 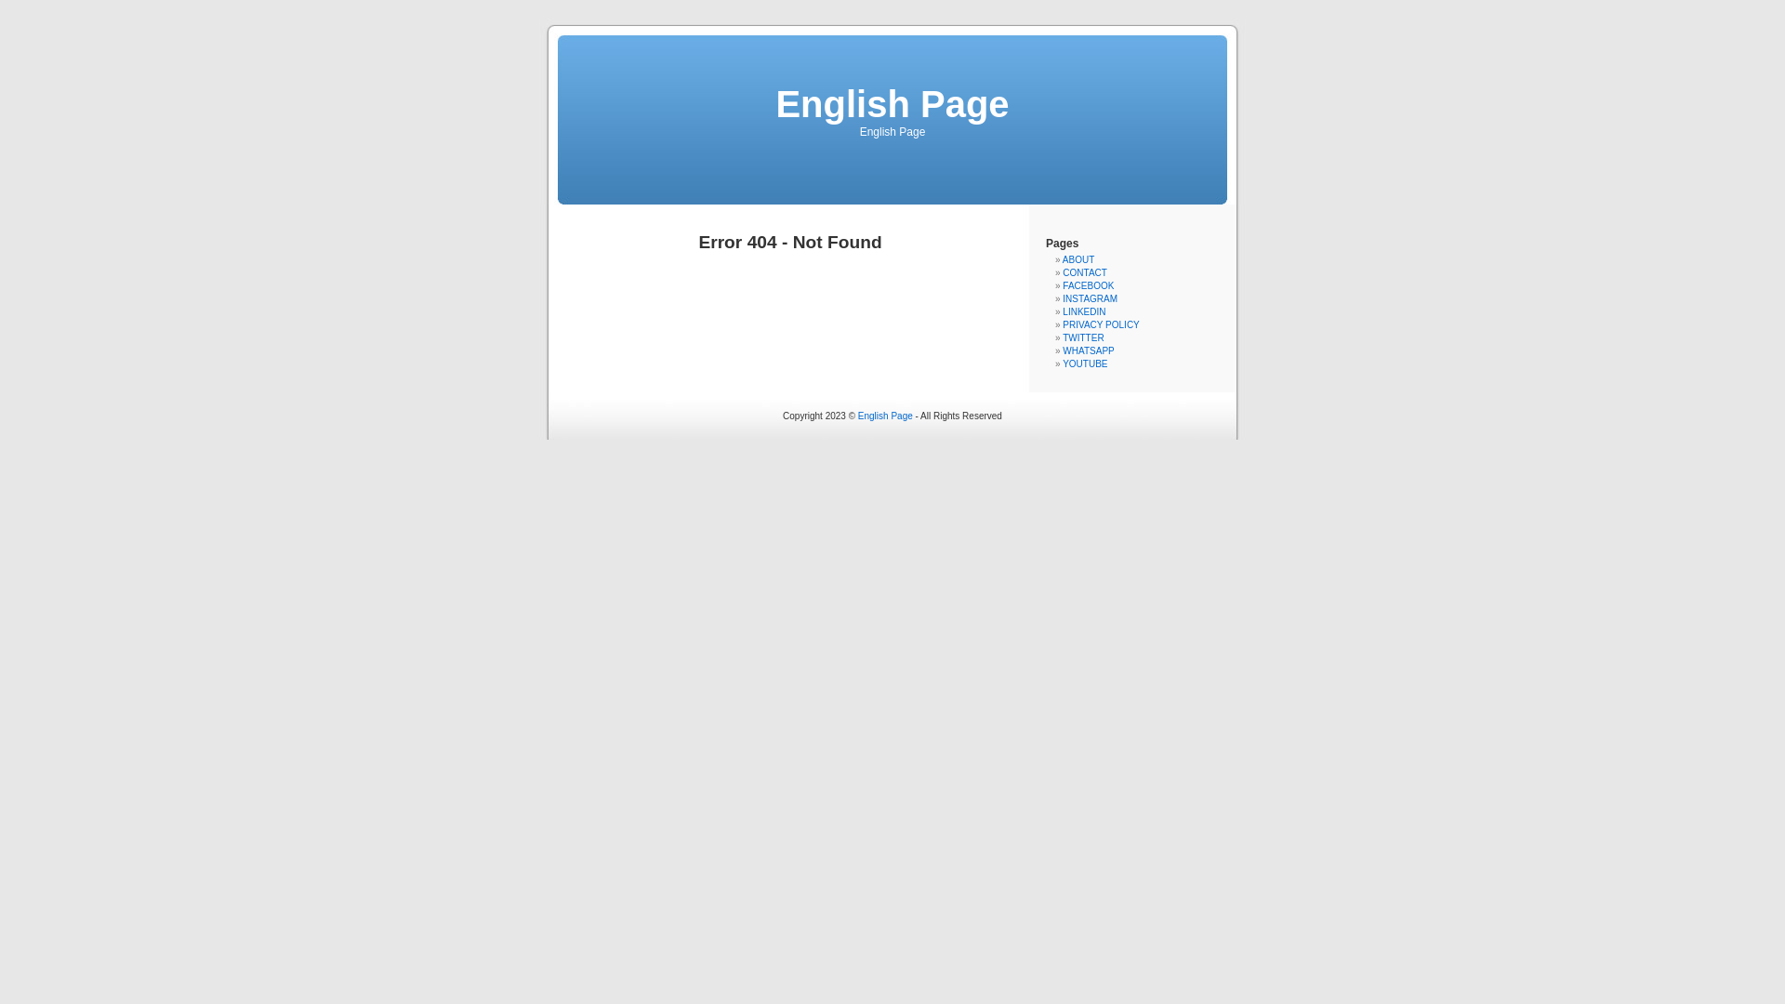 What do you see at coordinates (884, 415) in the screenshot?
I see `'English Page'` at bounding box center [884, 415].